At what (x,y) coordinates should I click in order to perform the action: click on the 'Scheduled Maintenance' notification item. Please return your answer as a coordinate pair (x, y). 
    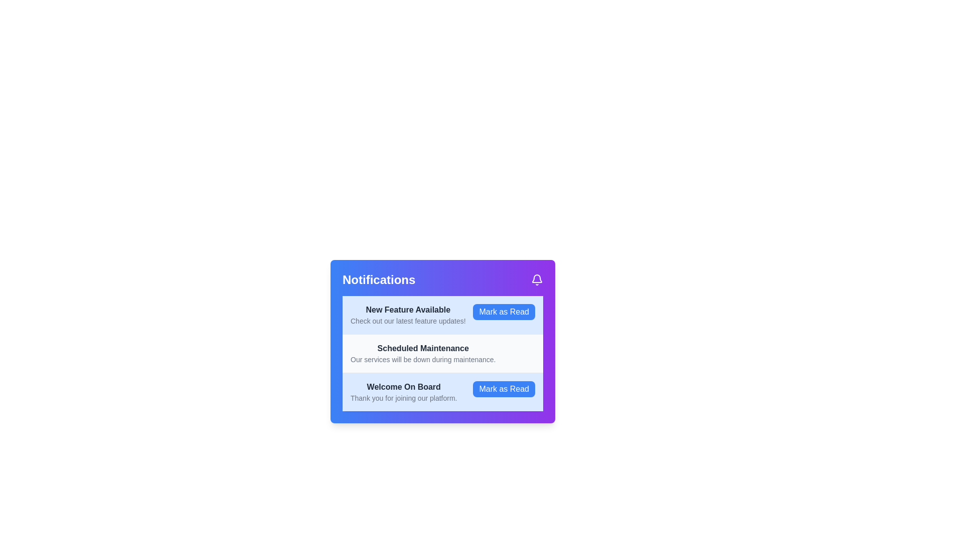
    Looking at the image, I should click on (442, 341).